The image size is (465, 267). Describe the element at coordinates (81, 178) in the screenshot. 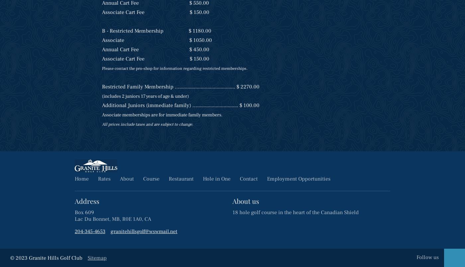

I see `'Home'` at that location.